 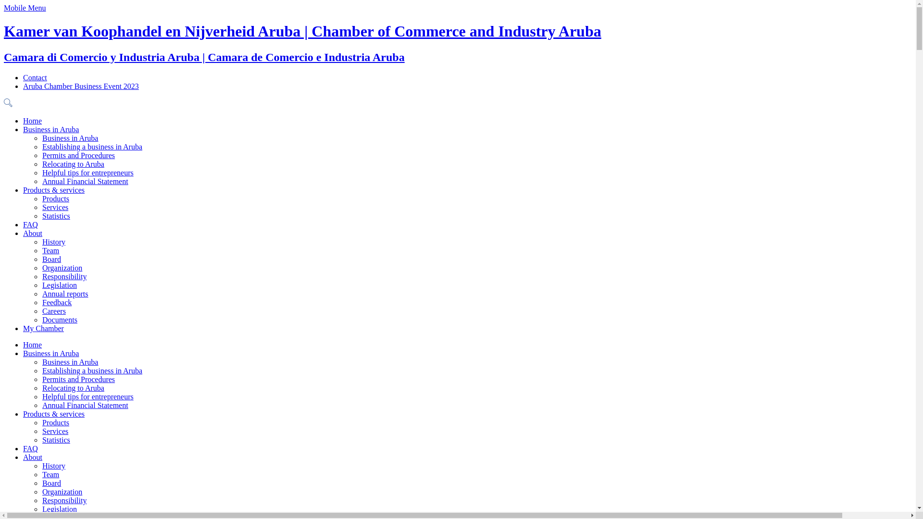 I want to click on 'Annual Financial Statement', so click(x=85, y=405).